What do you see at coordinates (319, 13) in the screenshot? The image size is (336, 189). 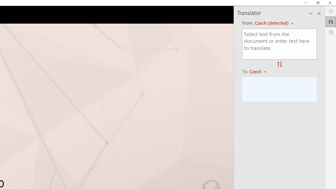 I see `'Close pane'` at bounding box center [319, 13].